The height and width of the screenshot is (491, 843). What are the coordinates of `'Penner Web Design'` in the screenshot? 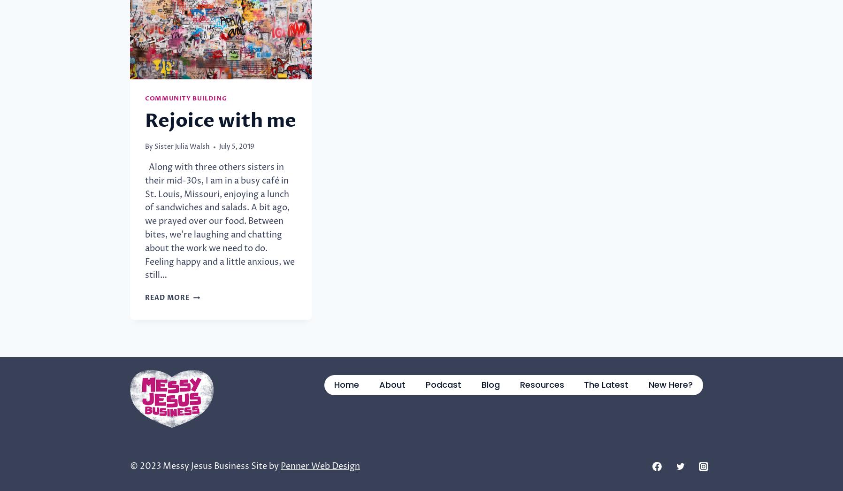 It's located at (320, 465).